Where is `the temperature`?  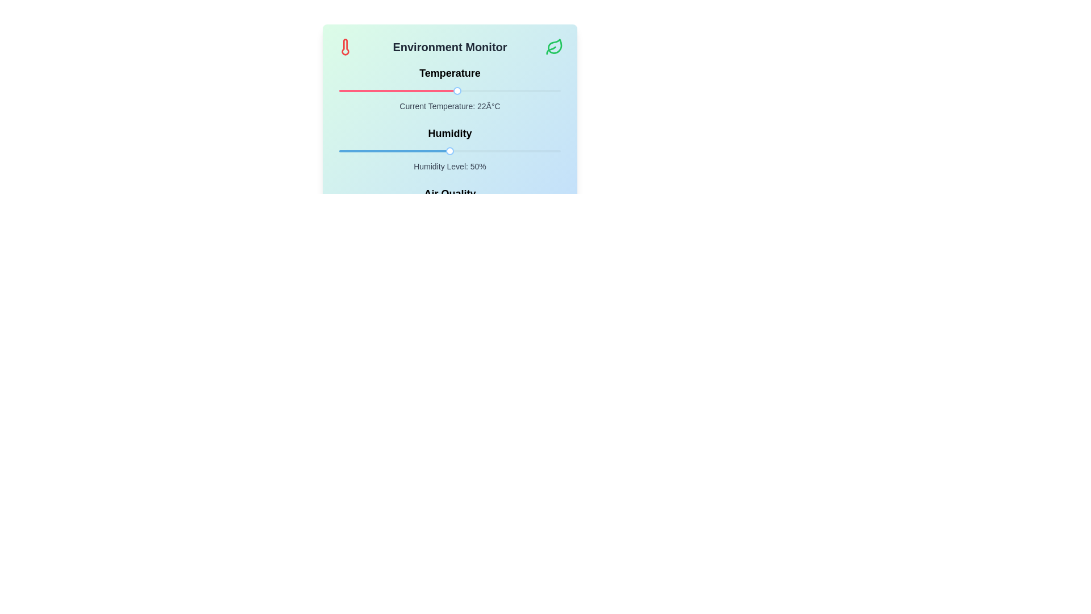
the temperature is located at coordinates (487, 90).